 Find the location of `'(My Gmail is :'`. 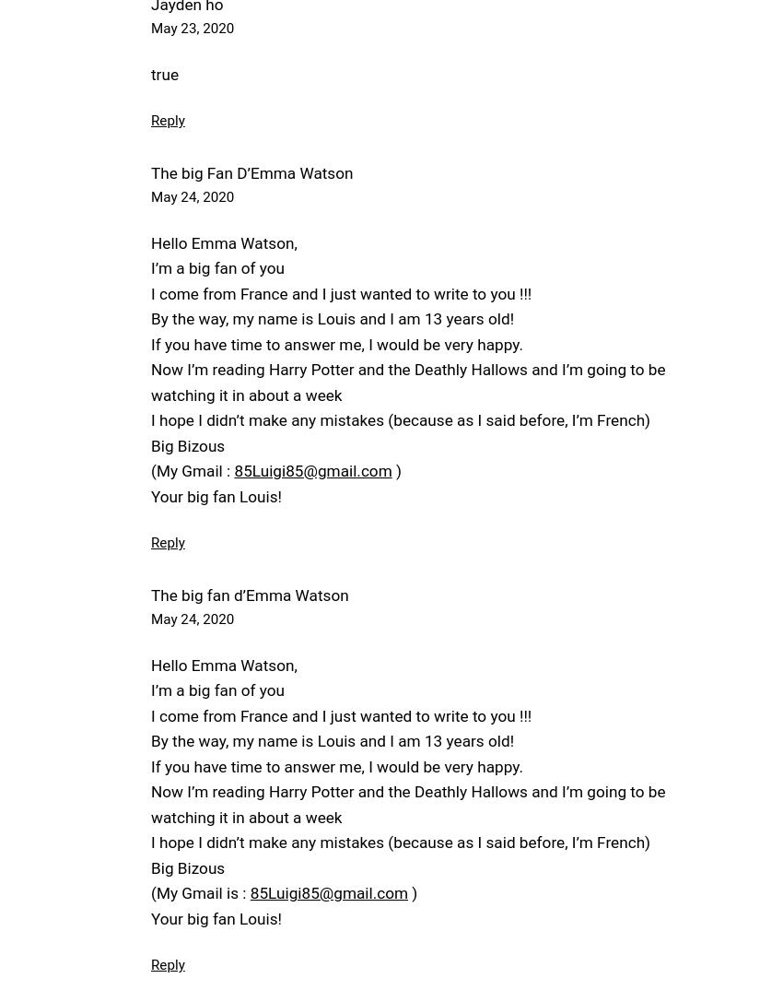

'(My Gmail is :' is located at coordinates (200, 891).